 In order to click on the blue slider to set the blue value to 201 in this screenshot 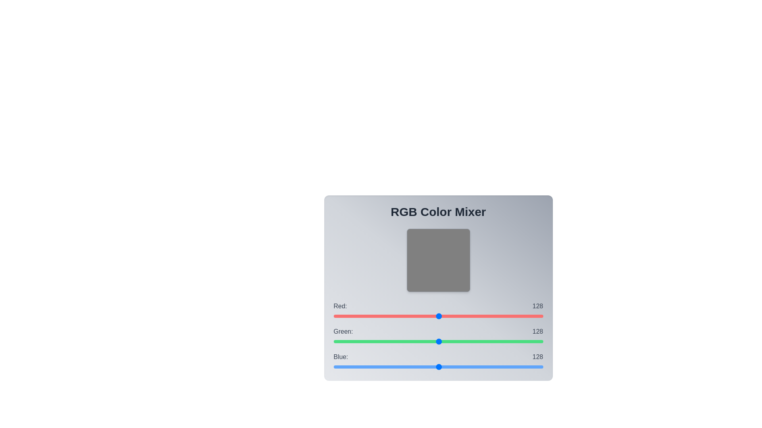, I will do `click(498, 367)`.